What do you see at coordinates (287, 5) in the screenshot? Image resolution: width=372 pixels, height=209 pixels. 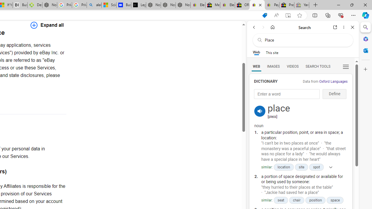 I see `'Press Room - eBay Inc.'` at bounding box center [287, 5].